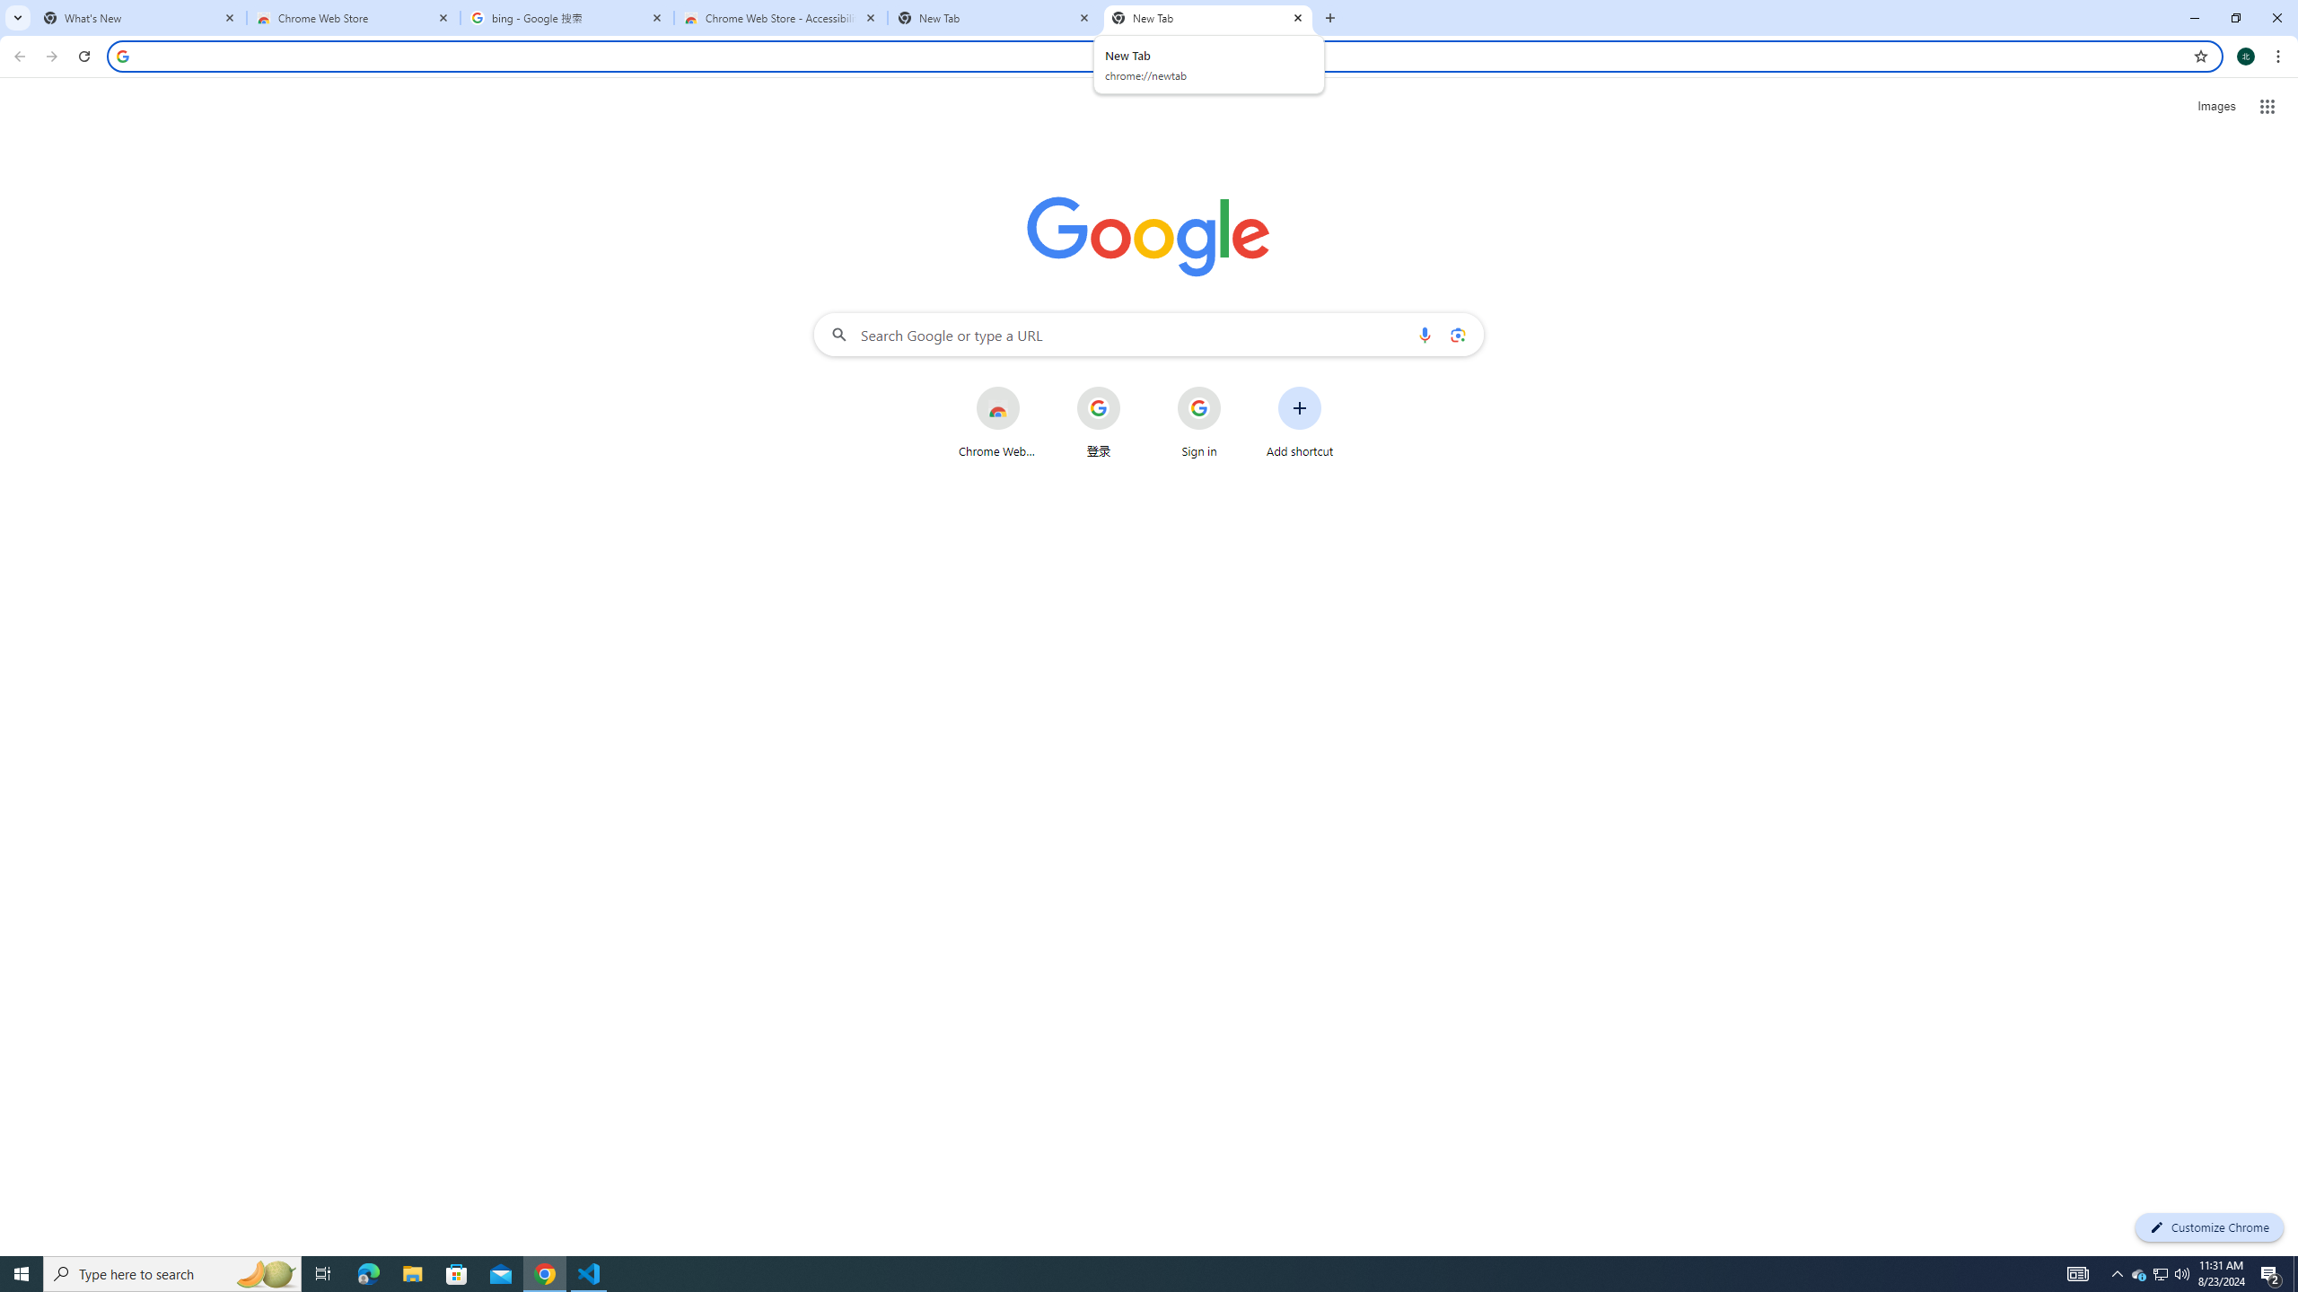 This screenshot has height=1292, width=2298. What do you see at coordinates (2267, 106) in the screenshot?
I see `'Google apps'` at bounding box center [2267, 106].